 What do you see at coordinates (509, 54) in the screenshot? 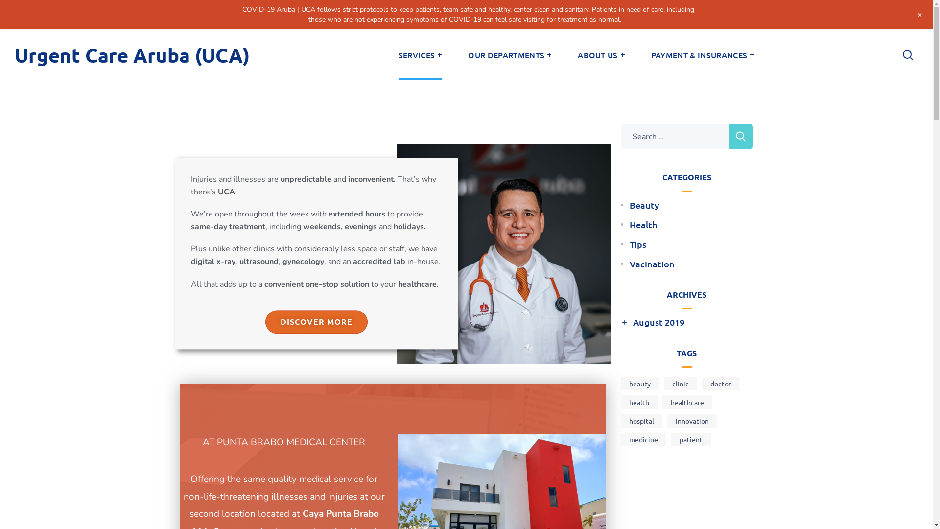
I see `'OUR DEPARTMENTS'` at bounding box center [509, 54].